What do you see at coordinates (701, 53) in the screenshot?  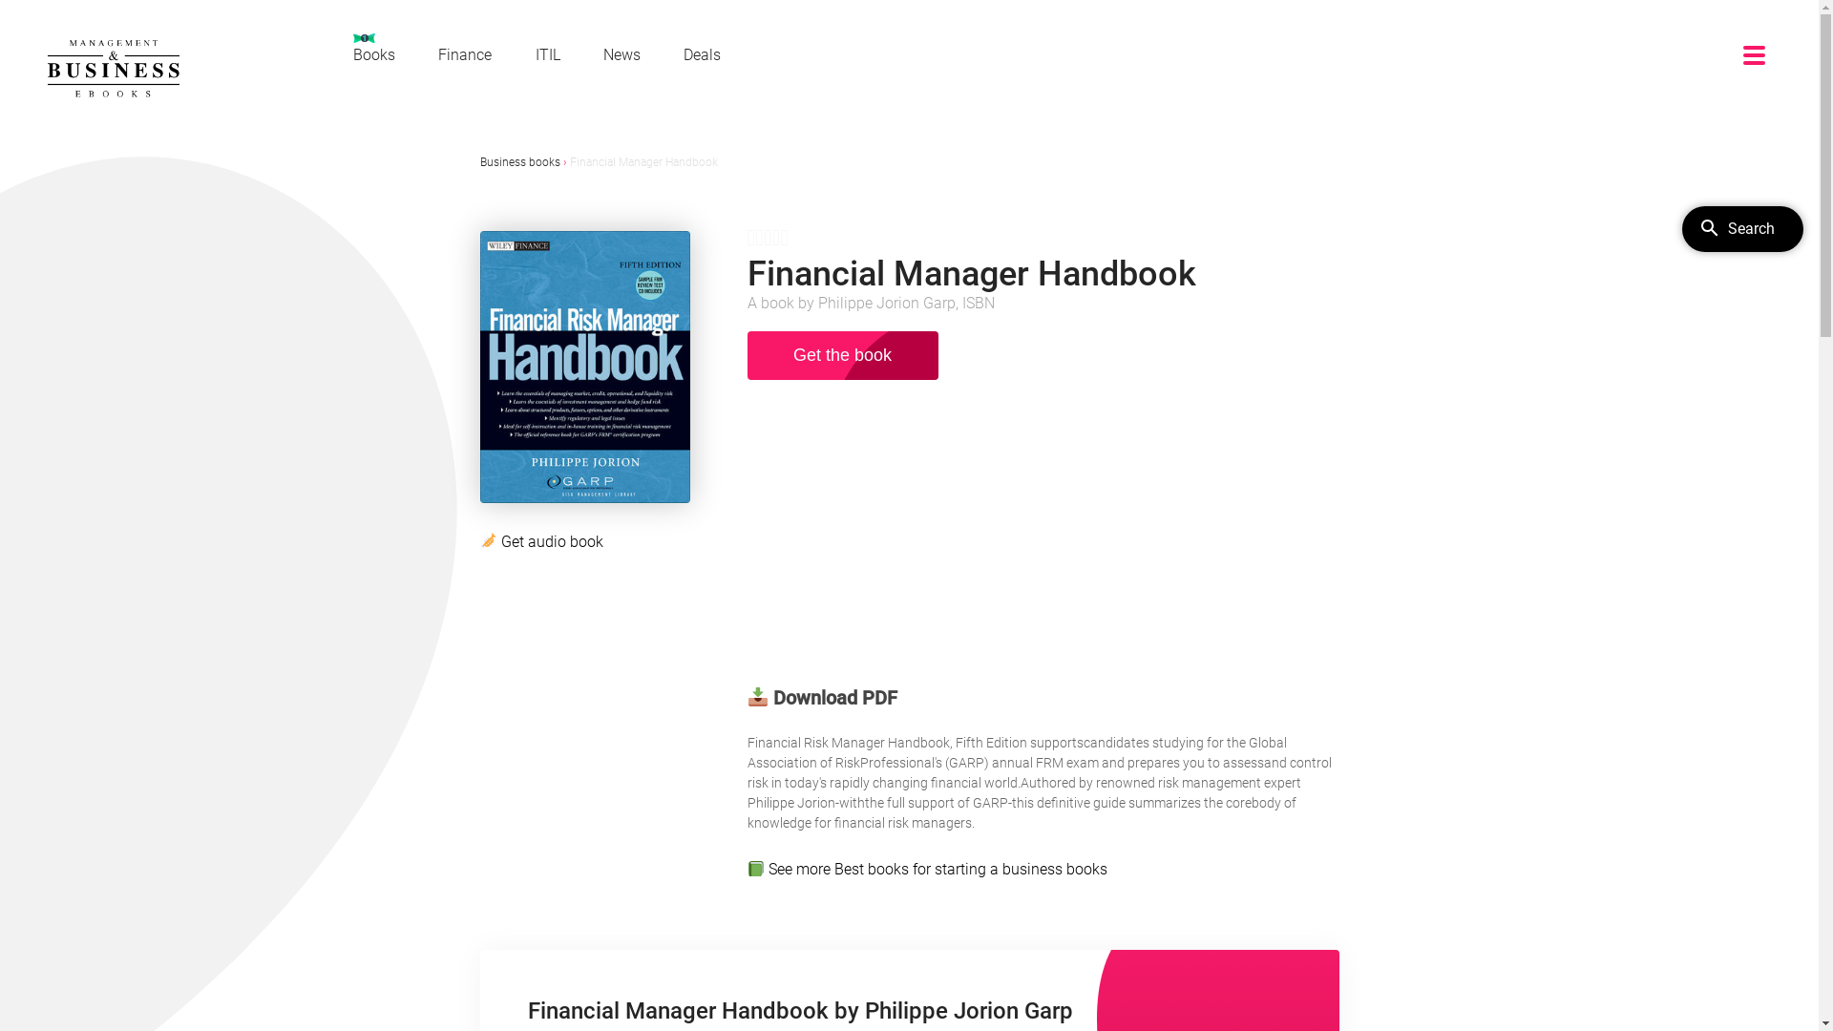 I see `'Deals'` at bounding box center [701, 53].